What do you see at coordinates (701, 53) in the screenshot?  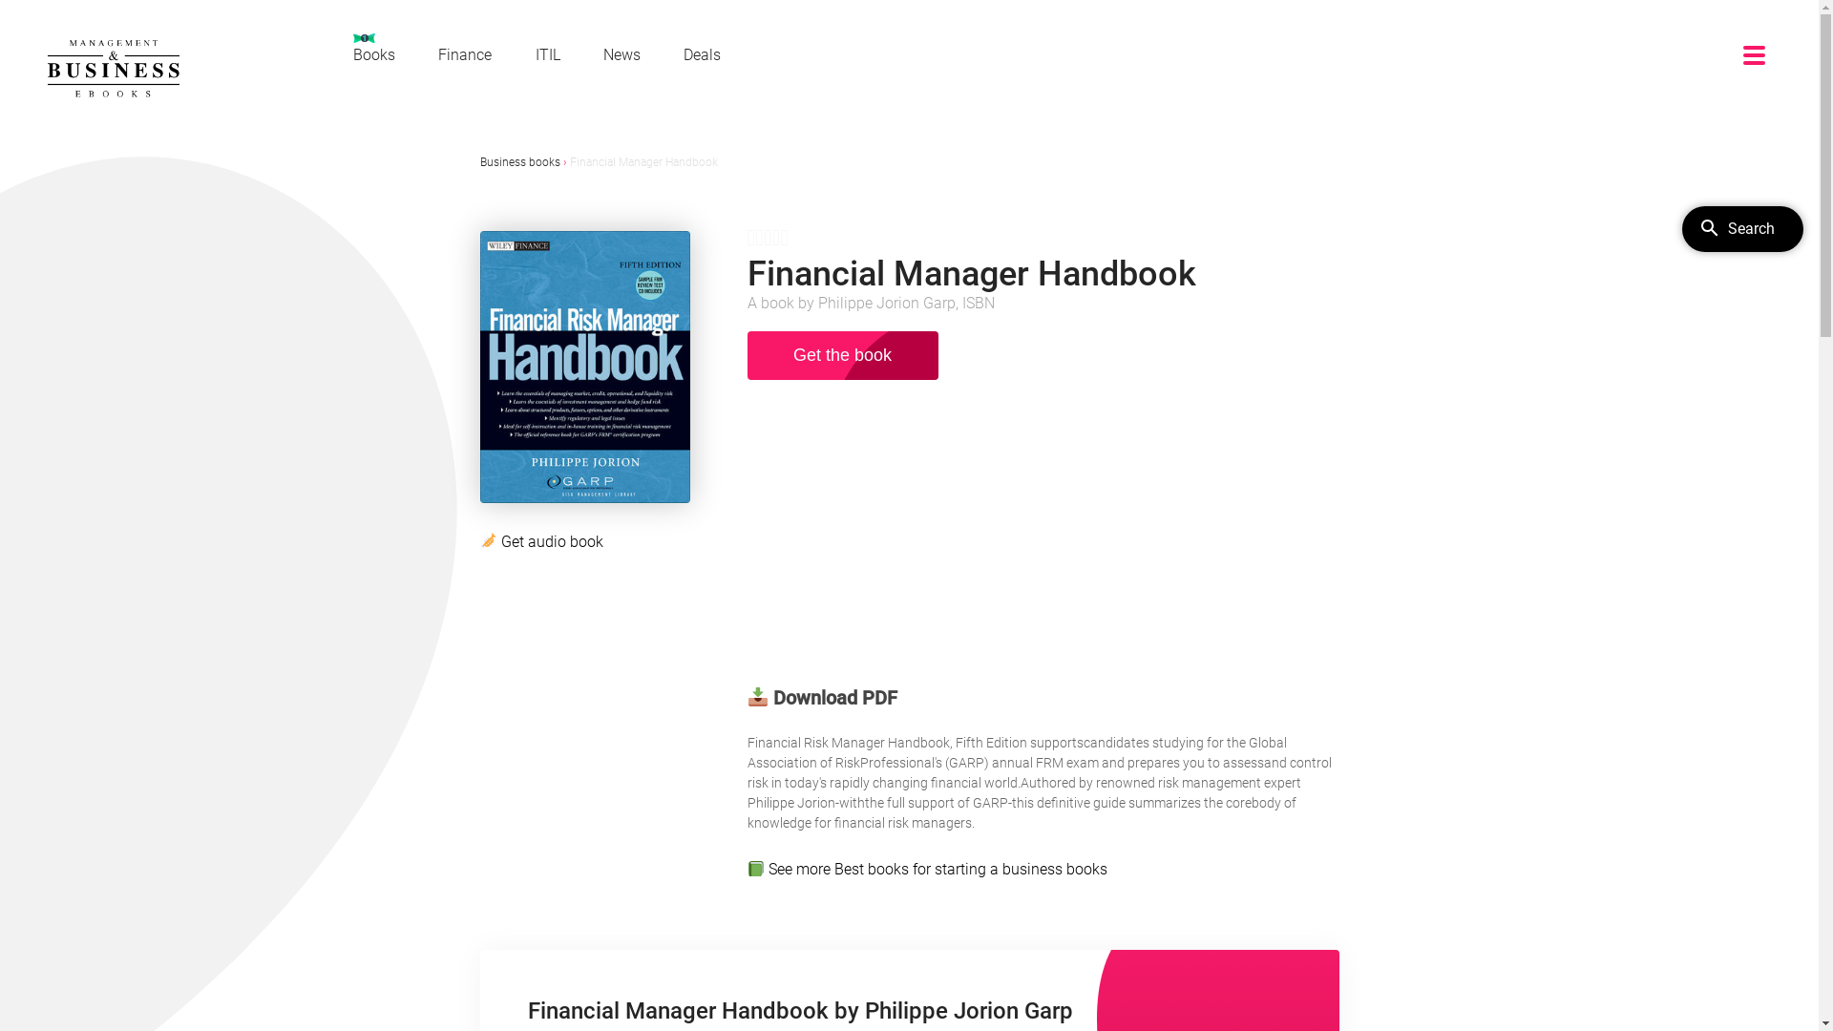 I see `'Deals'` at bounding box center [701, 53].